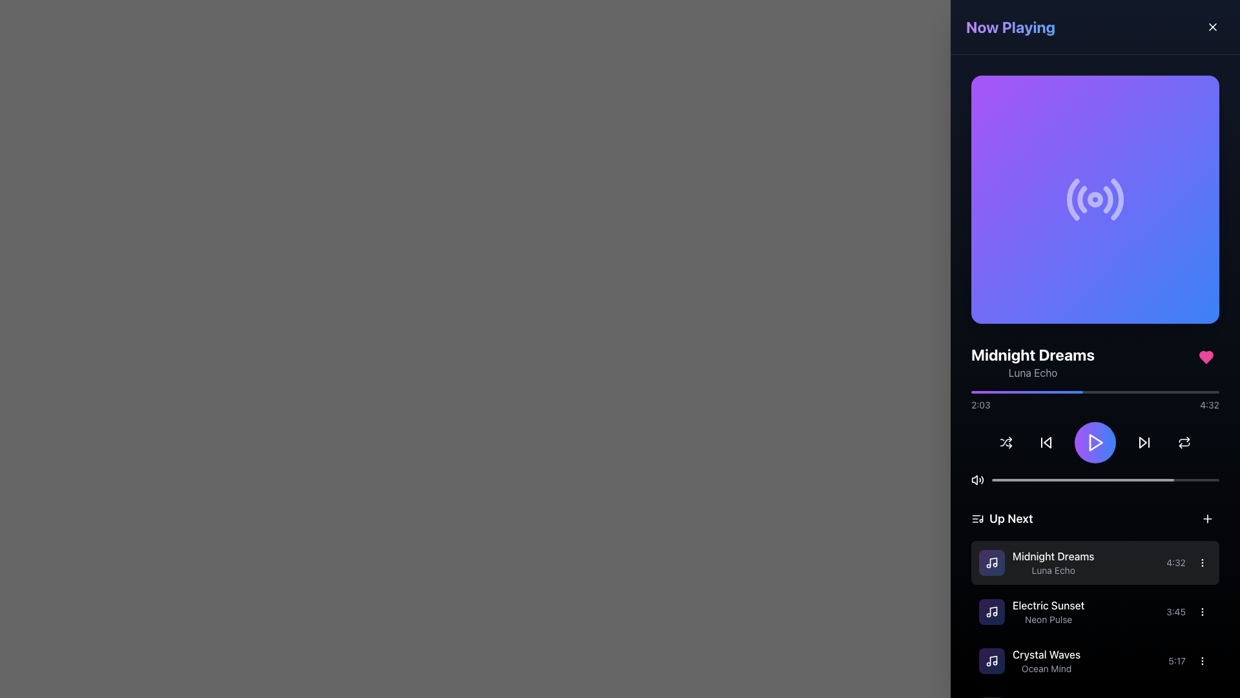 The image size is (1240, 698). I want to click on the previous track button, which is located to the left of the play/pause button in the media control section, so click(1046, 442).